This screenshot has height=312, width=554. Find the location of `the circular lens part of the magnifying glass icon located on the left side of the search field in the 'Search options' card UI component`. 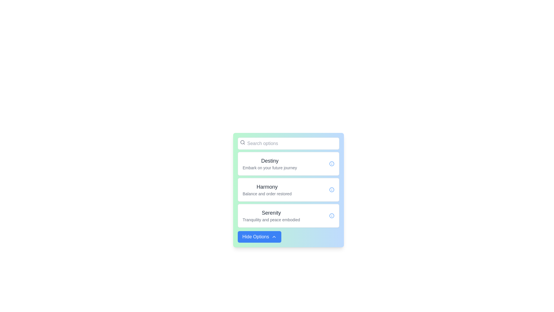

the circular lens part of the magnifying glass icon located on the left side of the search field in the 'Search options' card UI component is located at coordinates (242, 142).